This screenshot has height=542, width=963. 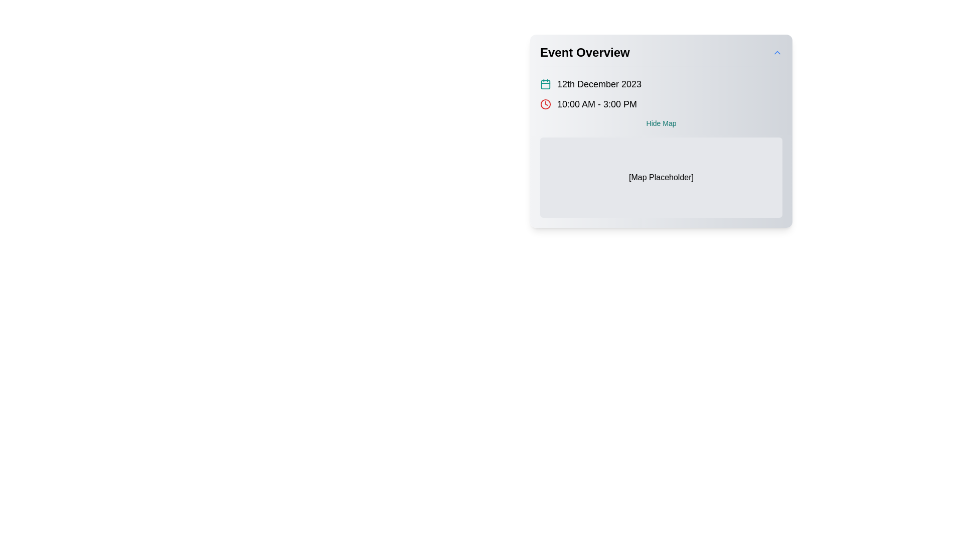 I want to click on time duration details from the text label displaying '10:00 AM - 3:00 PM', located to the right of a clock icon and part of the event details section, so click(x=597, y=104).